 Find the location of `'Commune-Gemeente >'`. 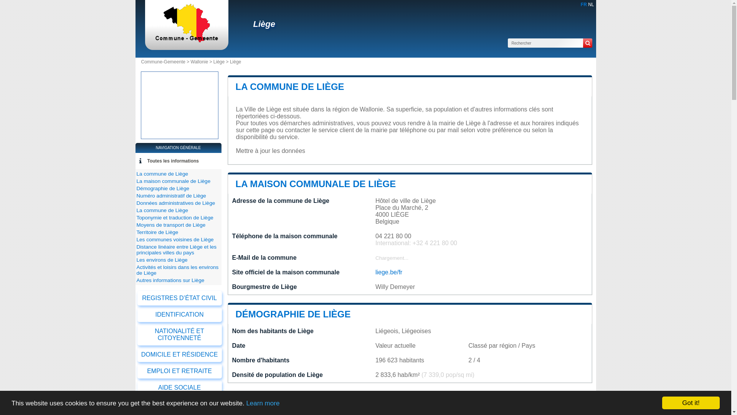

'Commune-Gemeente >' is located at coordinates (165, 61).